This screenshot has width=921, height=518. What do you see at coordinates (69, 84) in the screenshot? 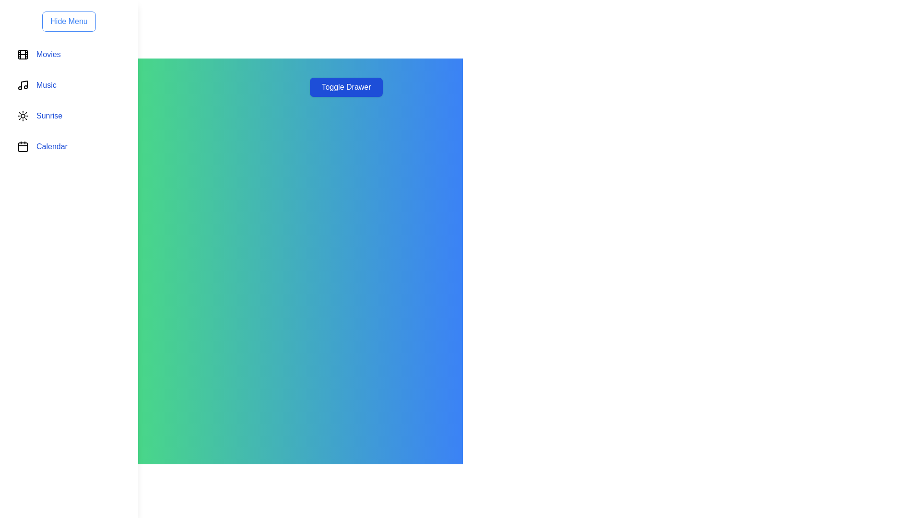
I see `the menu item Music` at bounding box center [69, 84].